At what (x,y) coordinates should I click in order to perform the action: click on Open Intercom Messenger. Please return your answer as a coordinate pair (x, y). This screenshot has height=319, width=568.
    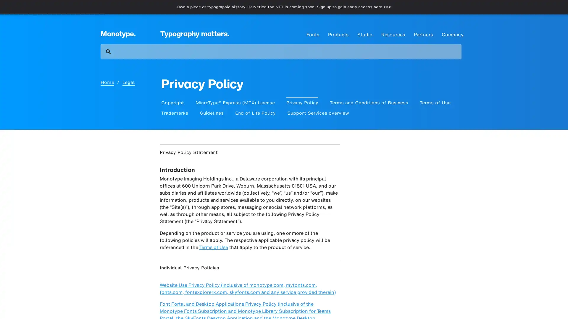
    Looking at the image, I should click on (549, 301).